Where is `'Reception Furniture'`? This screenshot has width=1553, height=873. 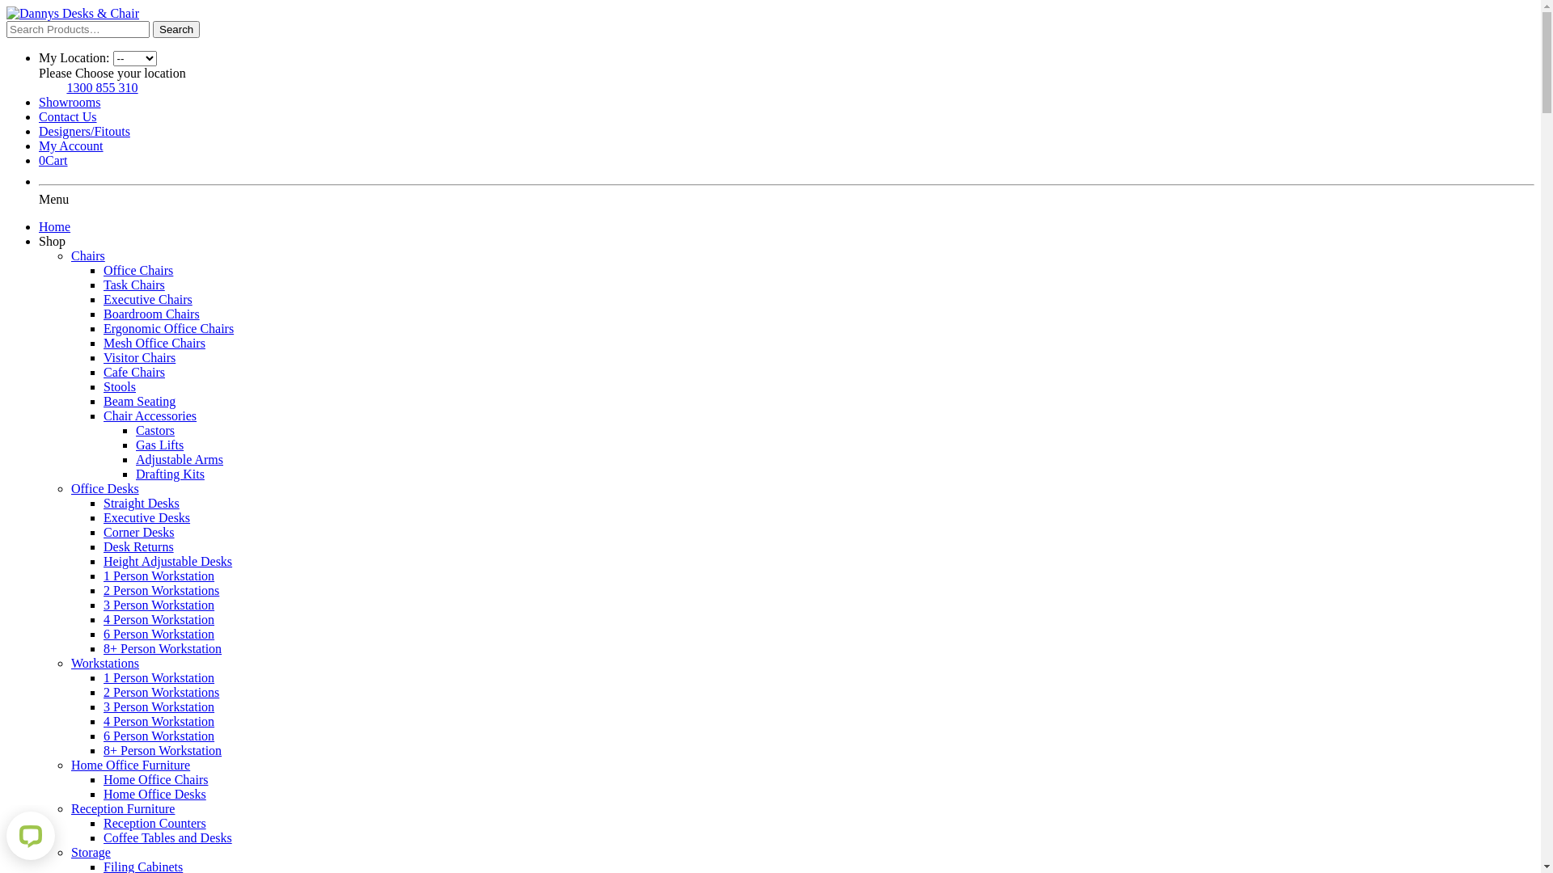
'Reception Furniture' is located at coordinates (122, 808).